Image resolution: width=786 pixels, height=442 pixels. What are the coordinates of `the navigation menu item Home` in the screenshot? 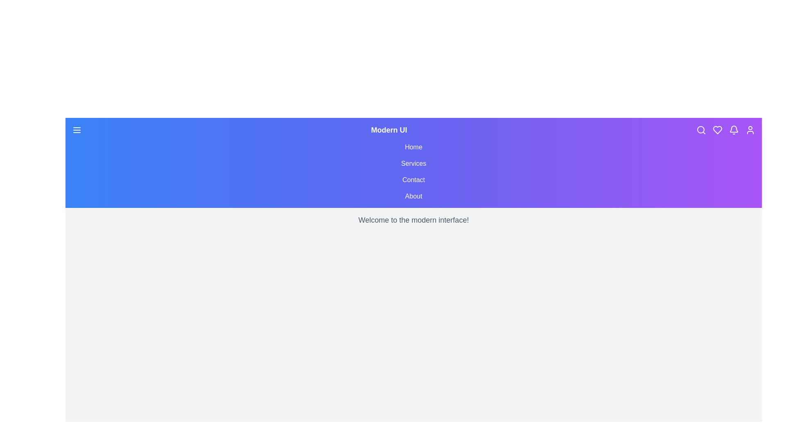 It's located at (413, 147).